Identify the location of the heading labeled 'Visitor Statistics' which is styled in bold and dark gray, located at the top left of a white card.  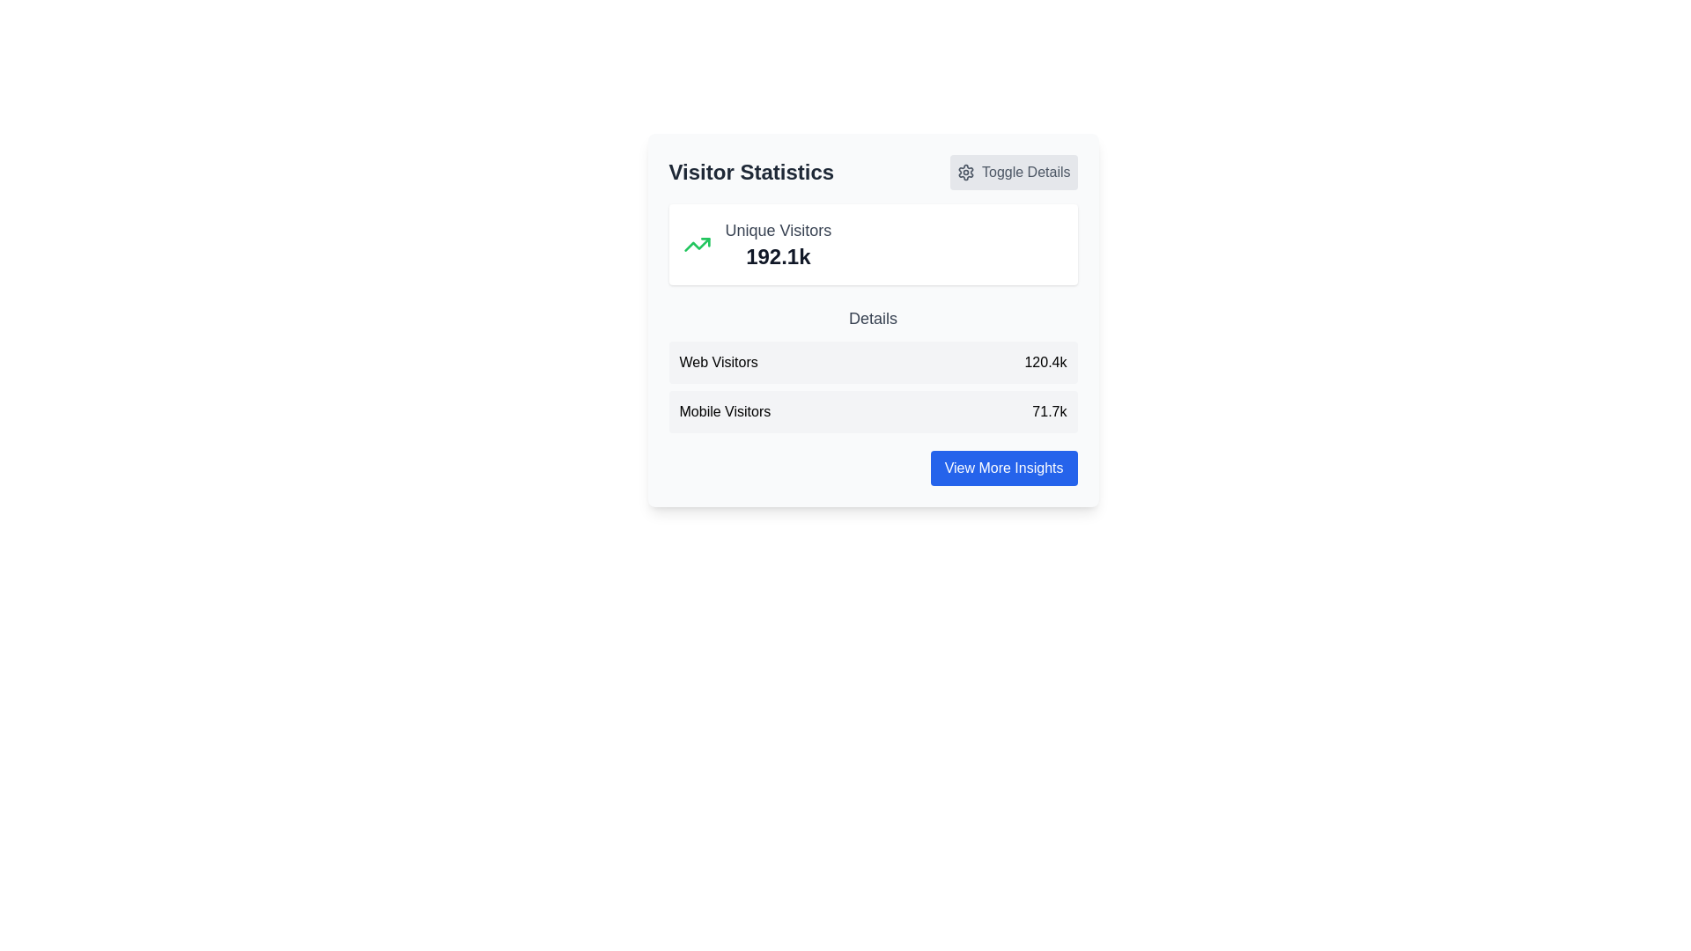
(751, 173).